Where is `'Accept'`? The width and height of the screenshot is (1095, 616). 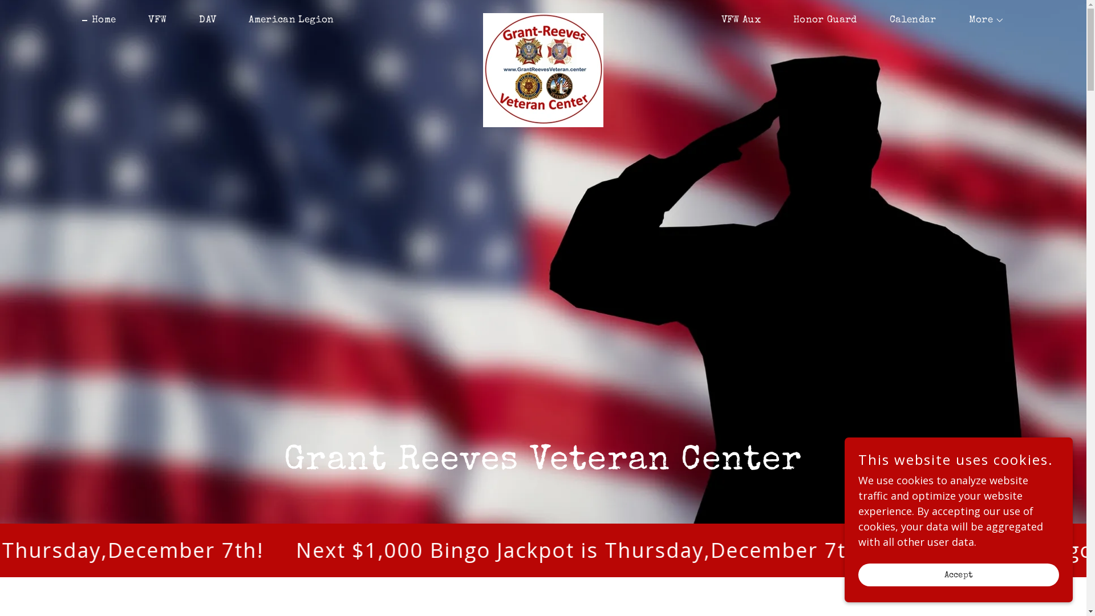 'Accept' is located at coordinates (958, 574).